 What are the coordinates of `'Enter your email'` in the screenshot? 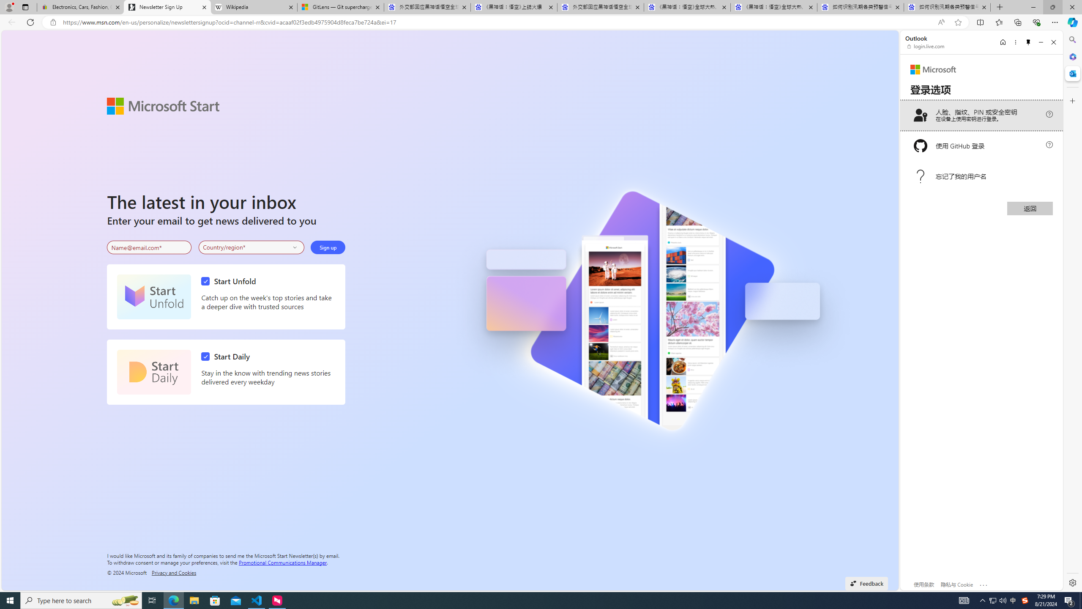 It's located at (149, 247).